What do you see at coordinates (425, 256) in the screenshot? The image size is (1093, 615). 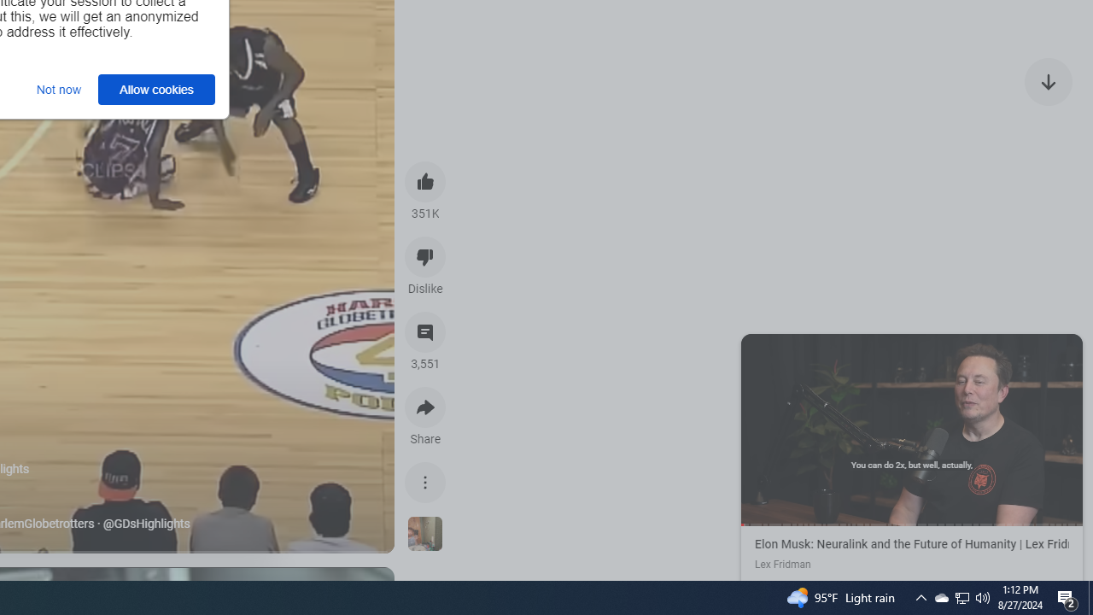 I see `'Dislike this video'` at bounding box center [425, 256].